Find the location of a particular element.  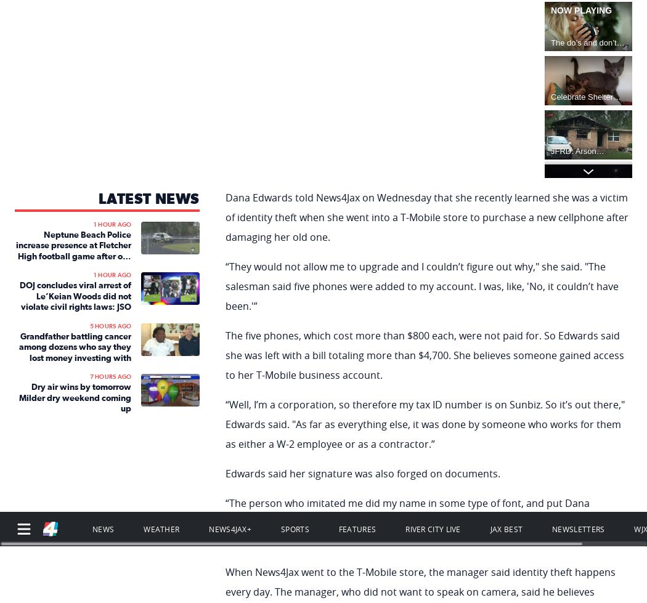

'Terms of Use' is located at coordinates (163, 516).